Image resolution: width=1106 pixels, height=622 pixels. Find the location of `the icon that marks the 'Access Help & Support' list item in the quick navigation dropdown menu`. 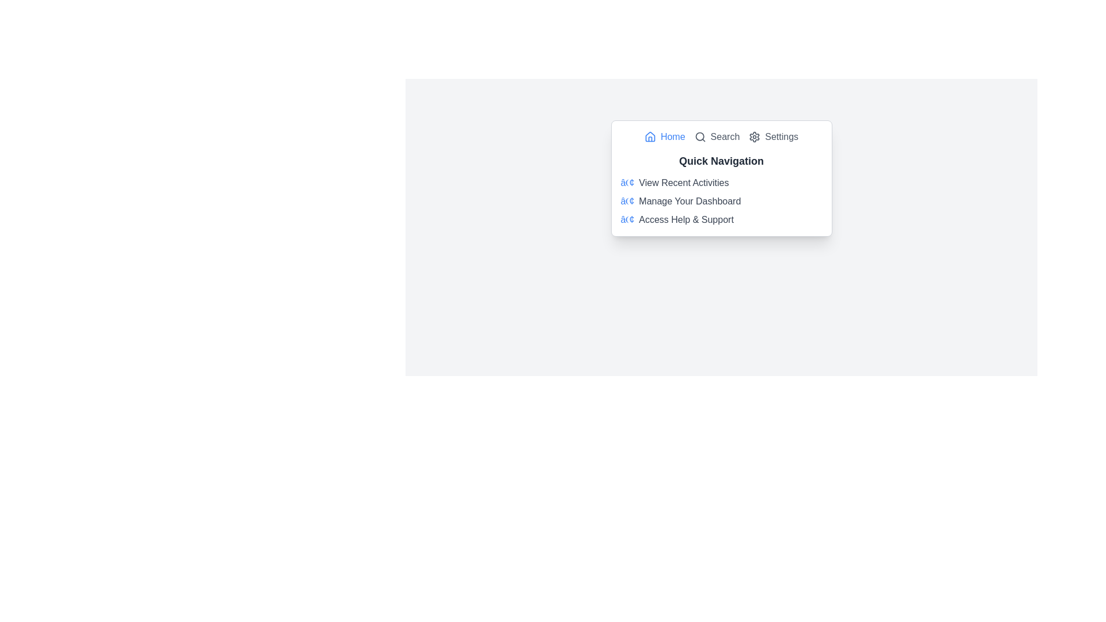

the icon that marks the 'Access Help & Support' list item in the quick navigation dropdown menu is located at coordinates (627, 219).